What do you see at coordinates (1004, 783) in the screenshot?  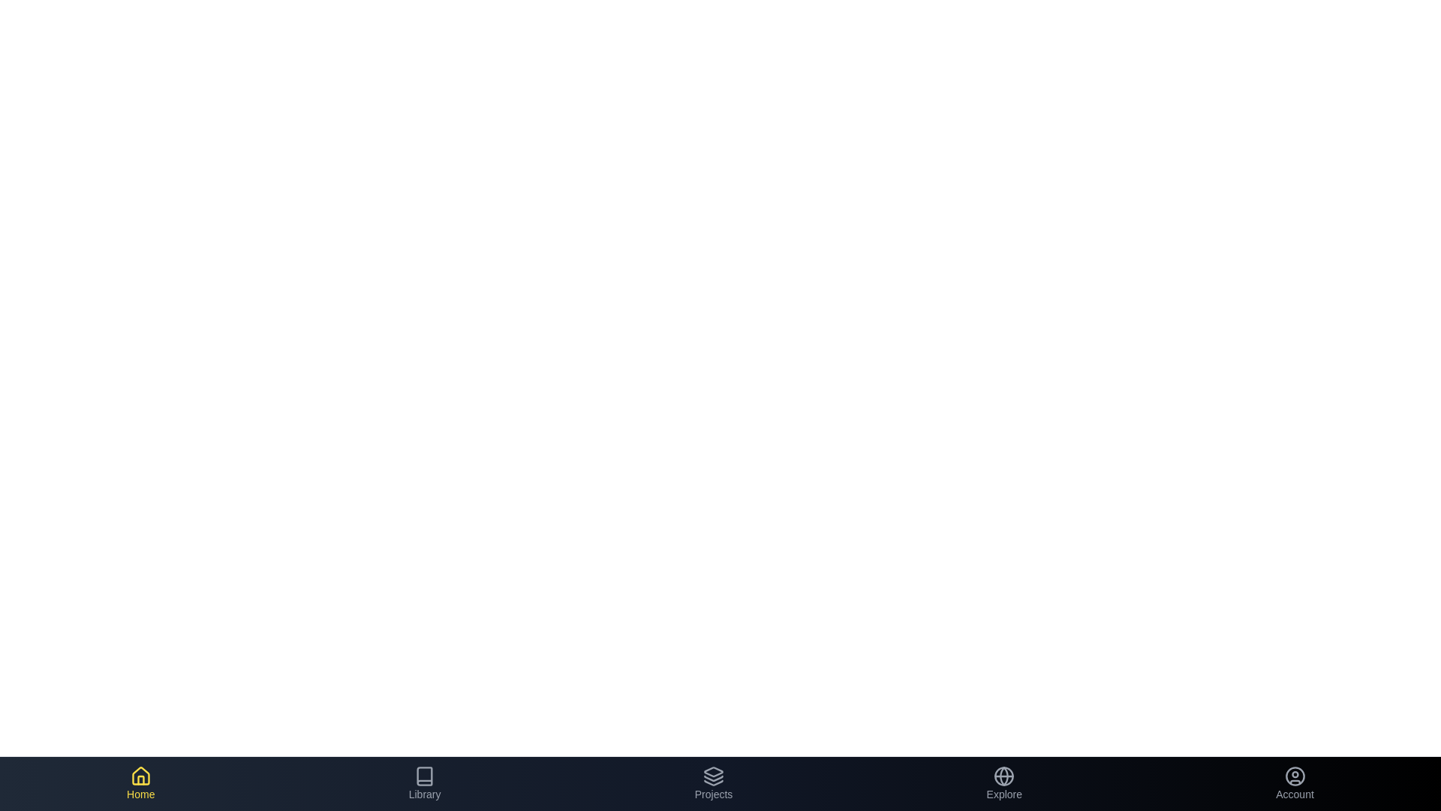 I see `the Explore tab to see the hover effect` at bounding box center [1004, 783].